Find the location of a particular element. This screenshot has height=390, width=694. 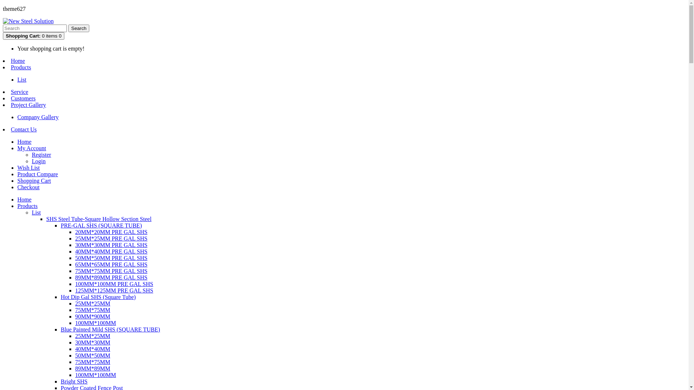

'Search' is located at coordinates (78, 28).